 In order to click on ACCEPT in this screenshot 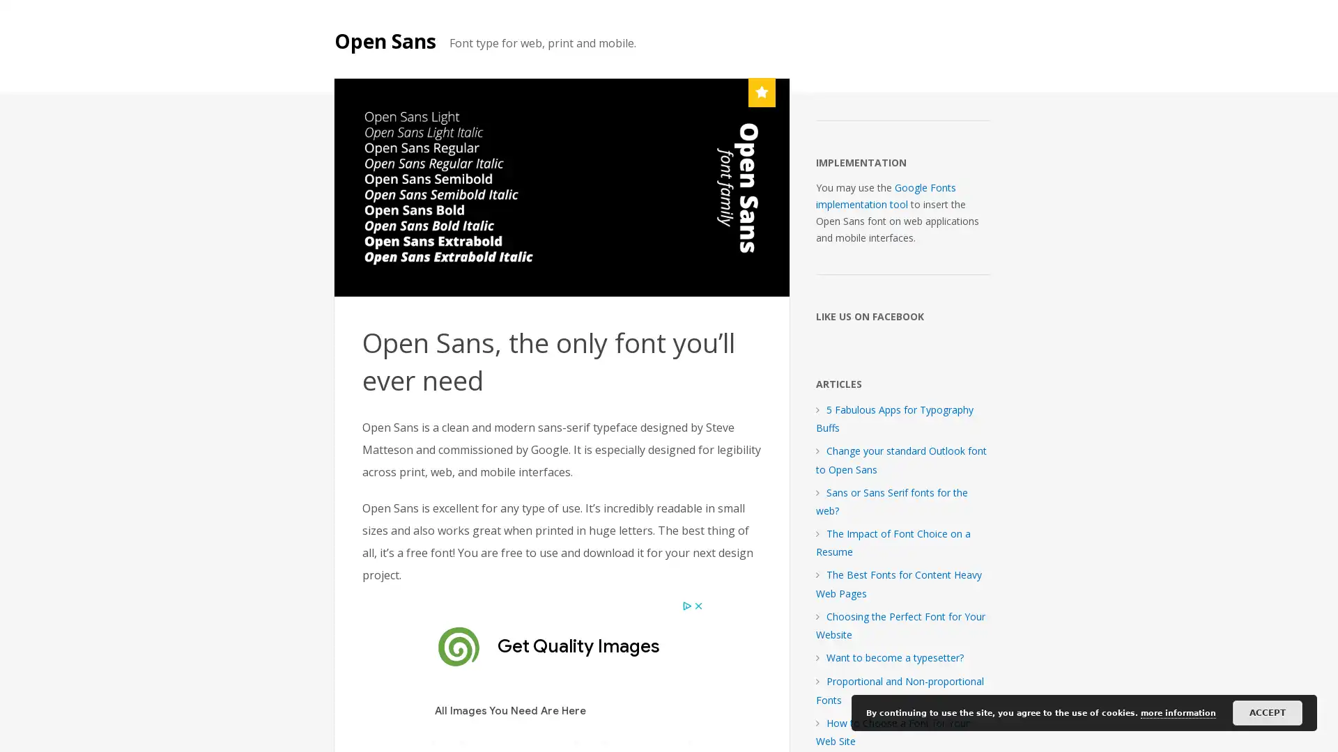, I will do `click(1268, 712)`.